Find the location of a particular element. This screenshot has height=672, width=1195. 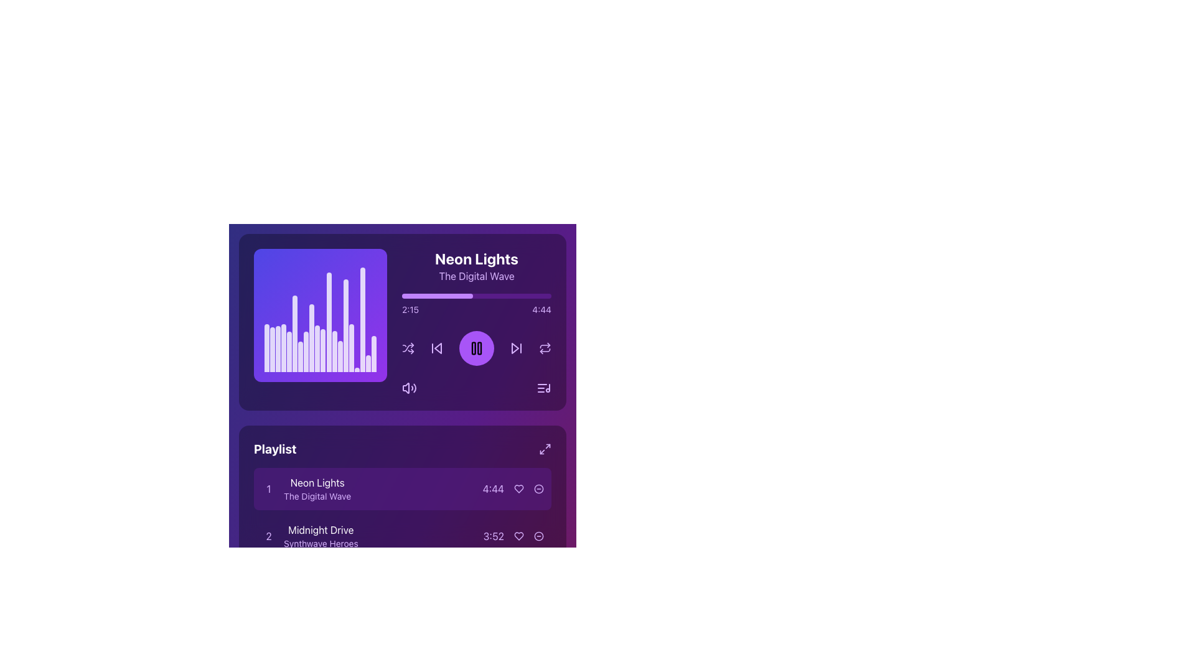

the 16th visualizer bar in the audio visualization feature to see changes in its height based on sound frequencies is located at coordinates (345, 325).